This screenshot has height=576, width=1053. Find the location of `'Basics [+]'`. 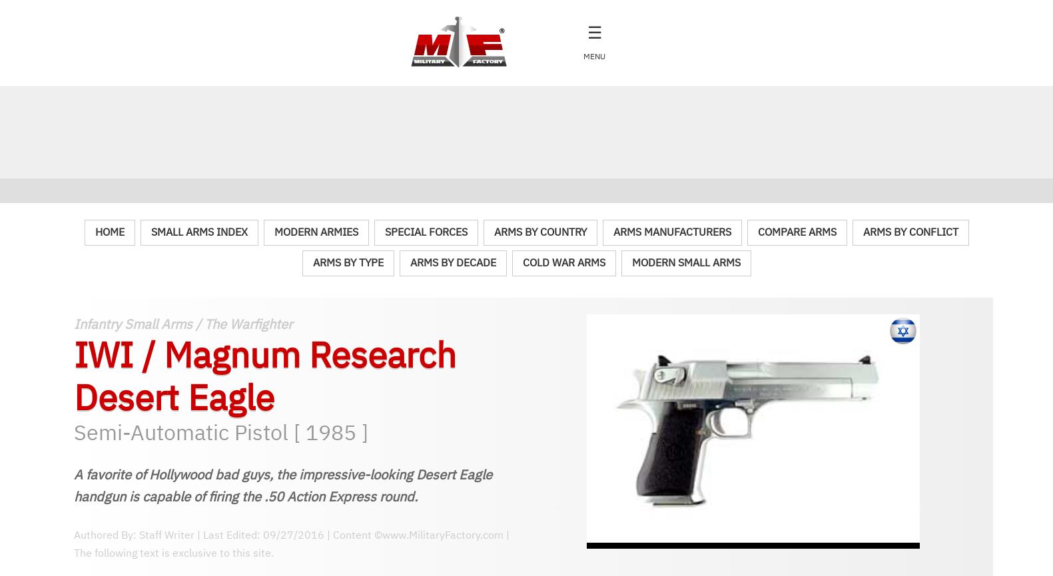

'Basics [+]' is located at coordinates (105, 194).